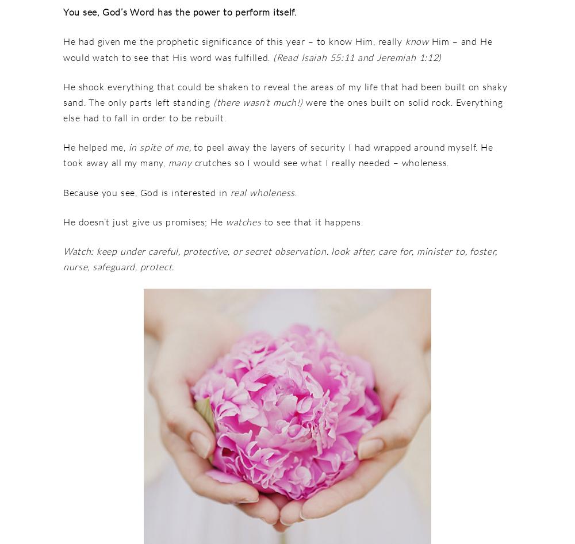 The image size is (575, 544). Describe the element at coordinates (277, 154) in the screenshot. I see `'to peel away the layers of security I had wrapped around myself. He took away all my many,'` at that location.